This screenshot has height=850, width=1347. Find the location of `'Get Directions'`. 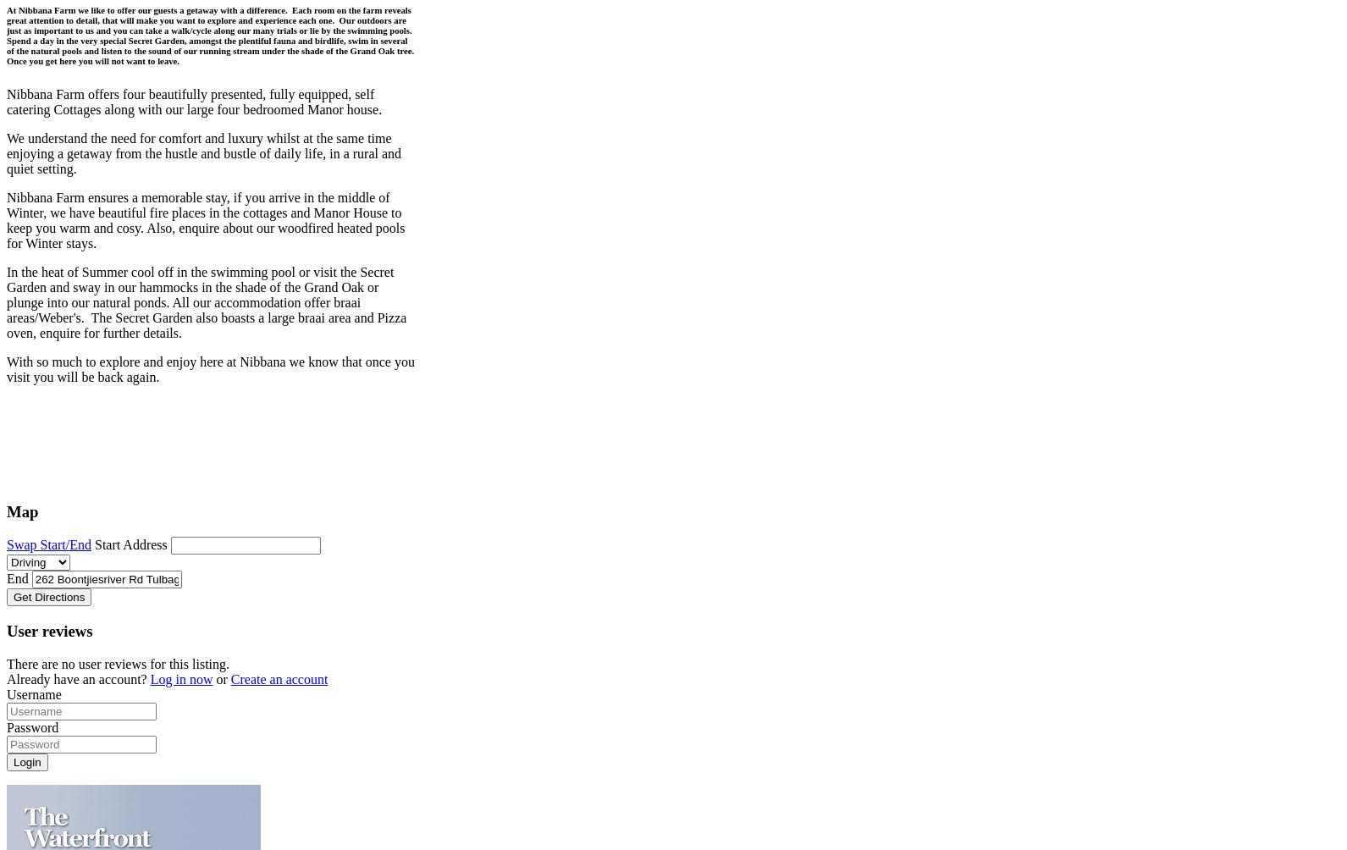

'Get Directions' is located at coordinates (49, 596).